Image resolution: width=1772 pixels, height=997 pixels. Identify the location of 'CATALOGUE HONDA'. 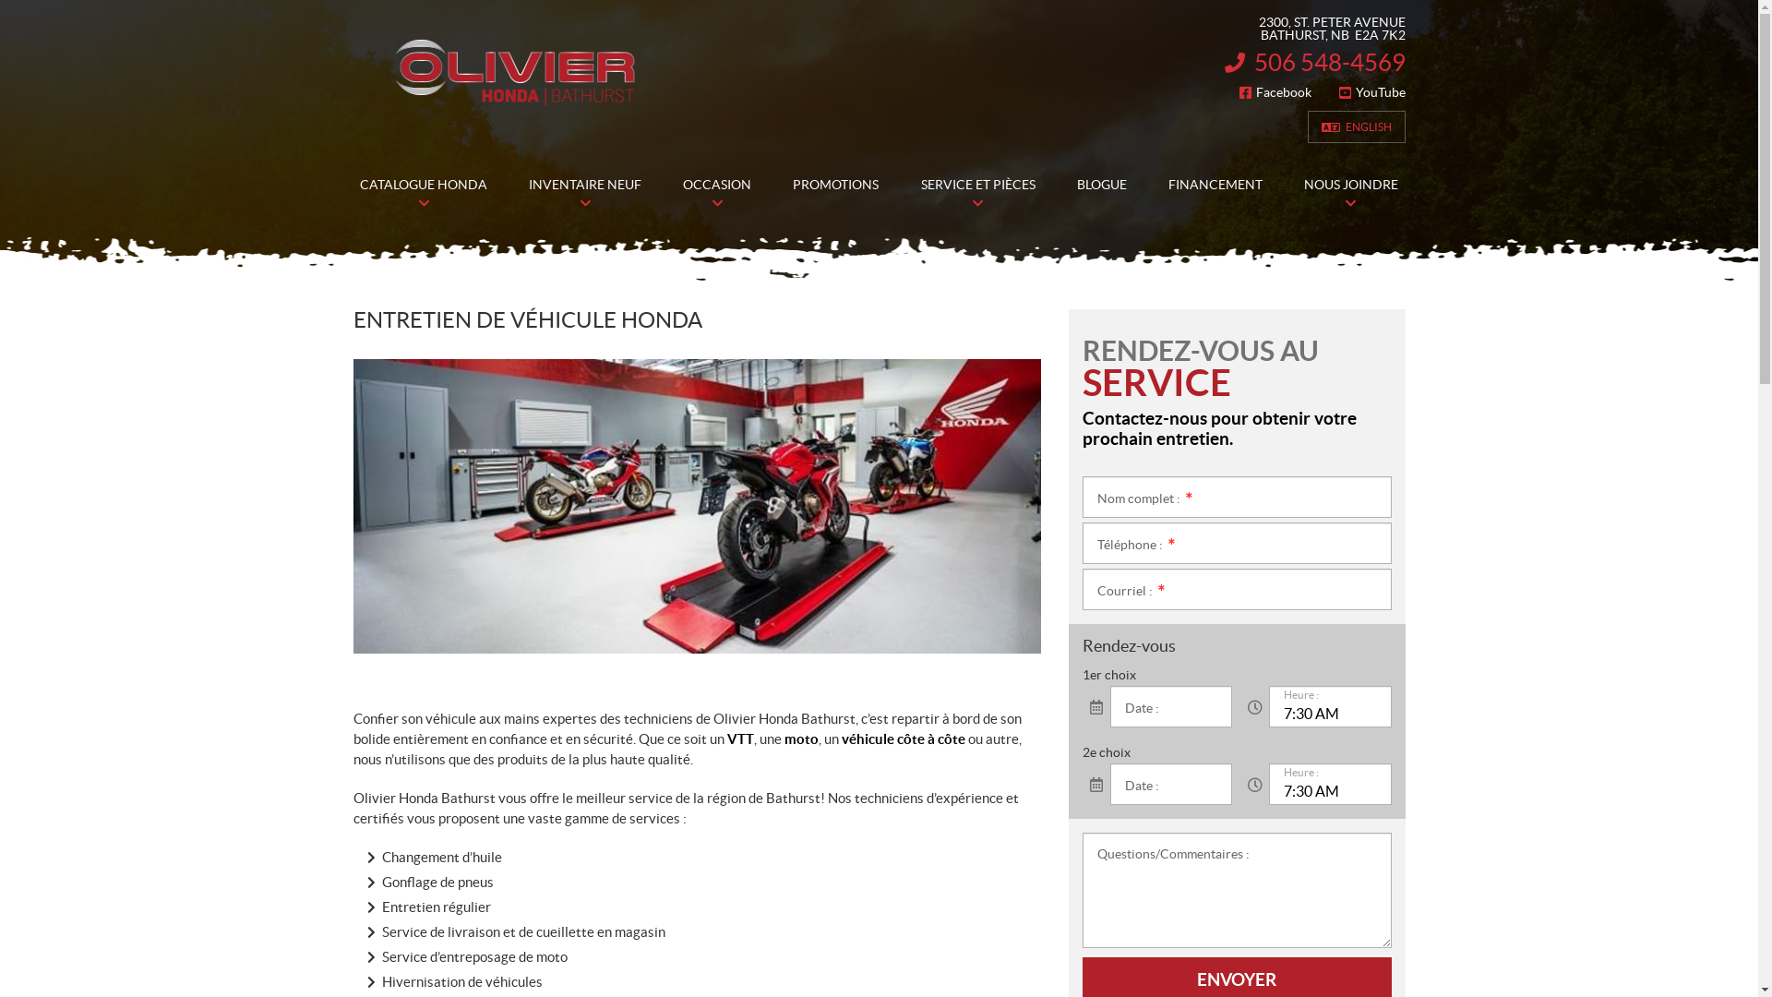
(423, 185).